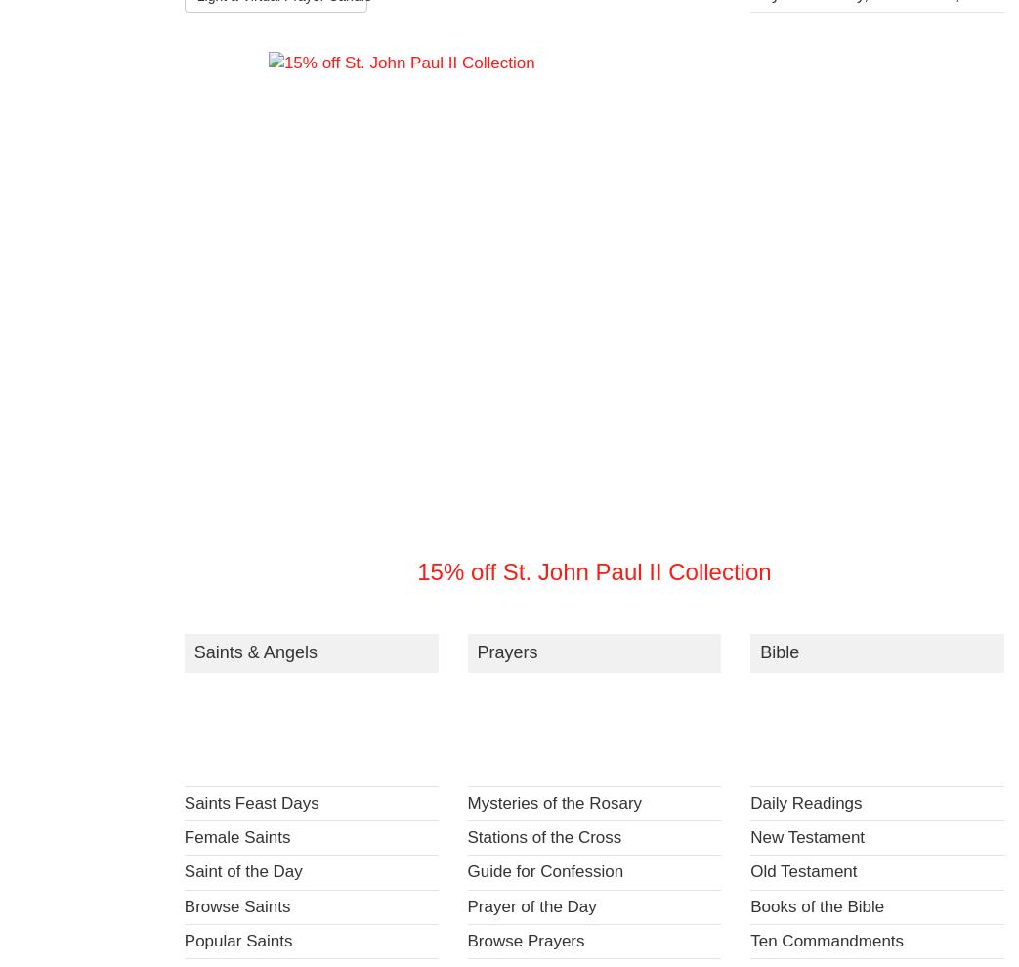 The width and height of the screenshot is (1019, 967). Describe the element at coordinates (748, 837) in the screenshot. I see `'New Testament'` at that location.